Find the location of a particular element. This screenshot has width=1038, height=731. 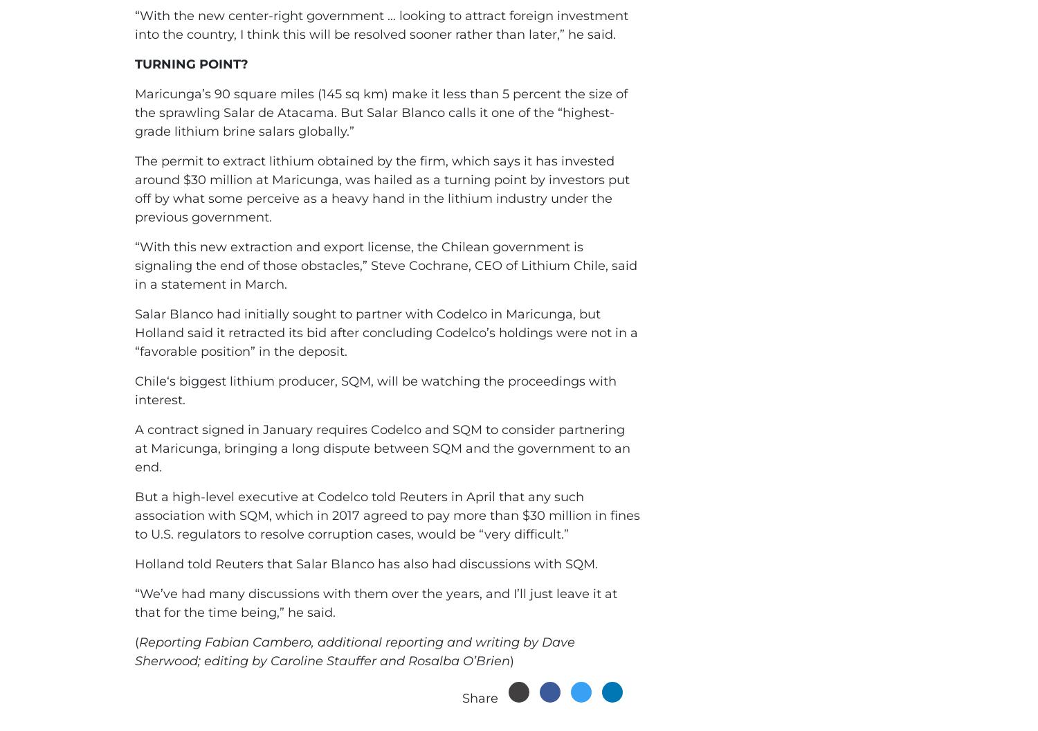

'“We’ve had many discussions with them over the years, and I’ll just leave it at that for the time being,” he said.' is located at coordinates (376, 602).